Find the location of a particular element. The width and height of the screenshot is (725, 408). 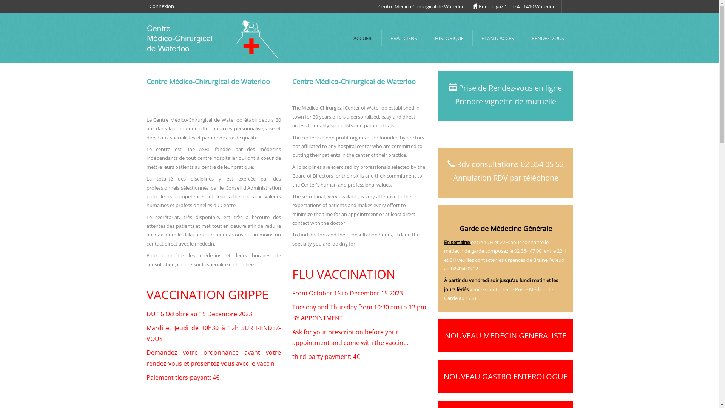

'RENDEZ-VOUS' is located at coordinates (548, 38).